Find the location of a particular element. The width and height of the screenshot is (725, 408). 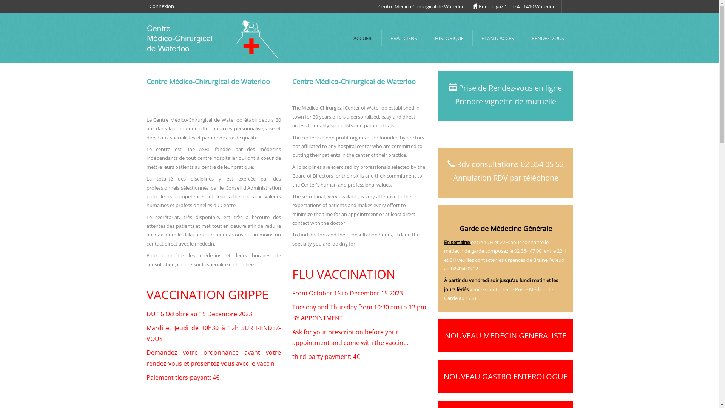

'RENDEZ-VOUS' is located at coordinates (548, 38).